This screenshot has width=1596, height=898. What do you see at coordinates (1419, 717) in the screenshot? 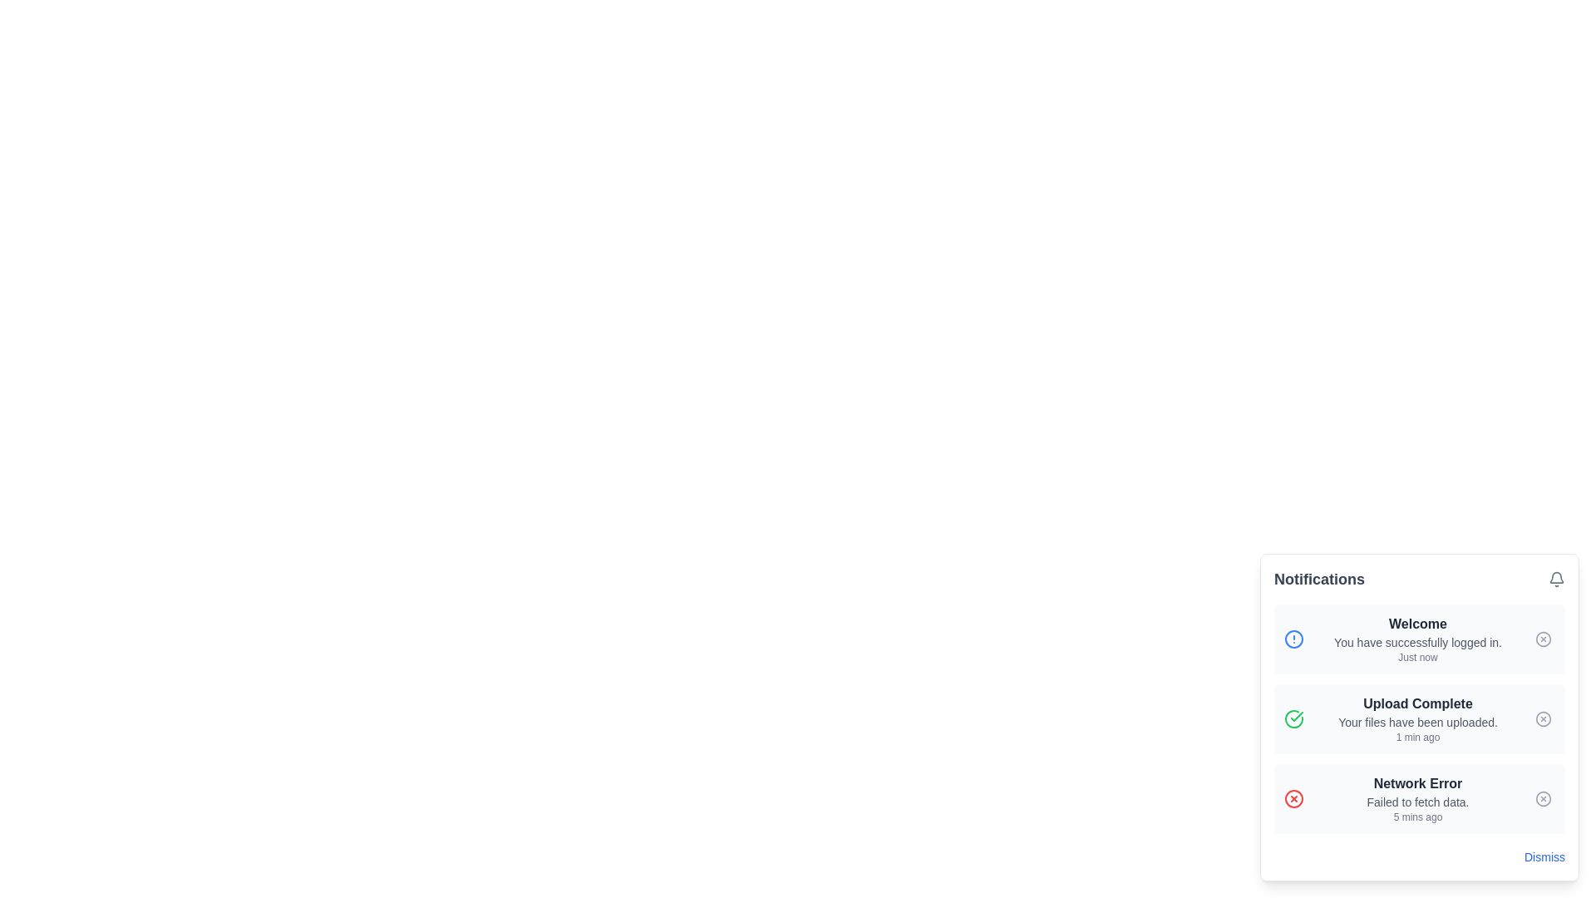
I see `the notification panel located at the bottom right corner of the interface, which has a white background, rounded corners, and displays the heading 'Notifications'` at bounding box center [1419, 717].